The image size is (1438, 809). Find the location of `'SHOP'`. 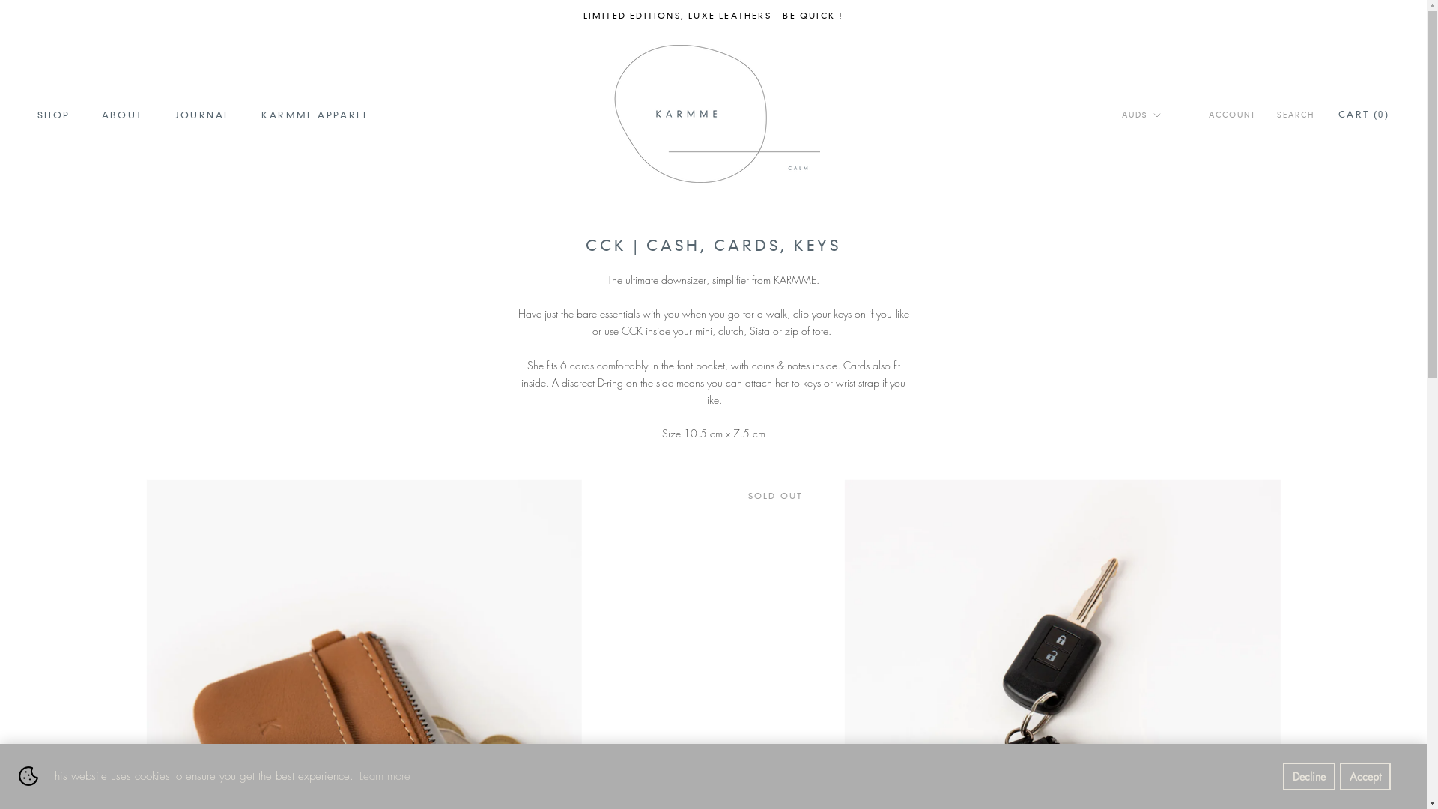

'SHOP' is located at coordinates (54, 114).